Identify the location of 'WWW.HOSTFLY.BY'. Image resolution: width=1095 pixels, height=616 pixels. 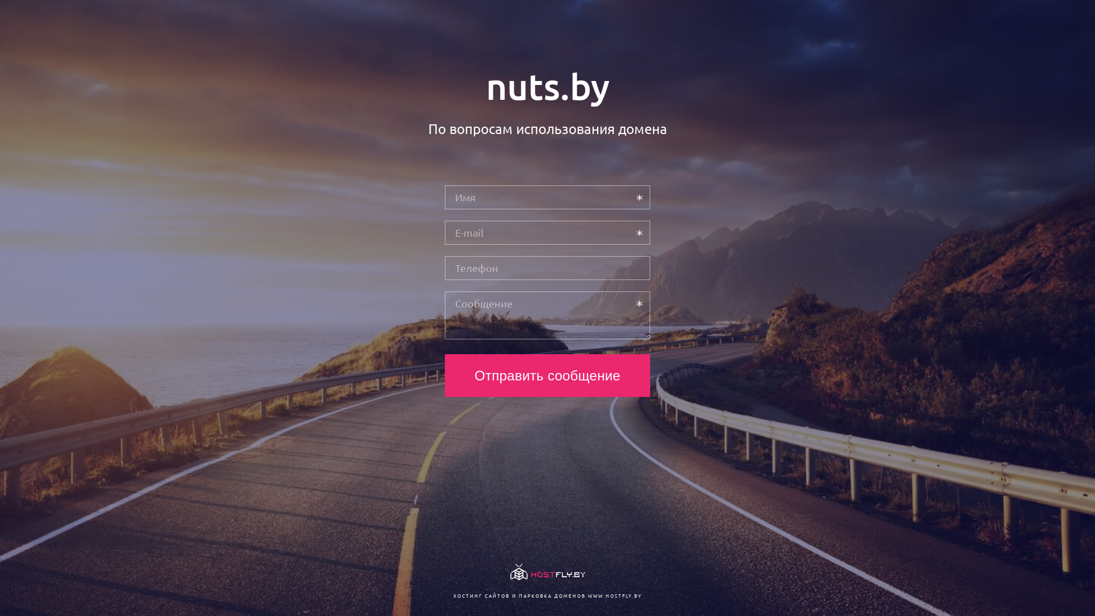
(614, 595).